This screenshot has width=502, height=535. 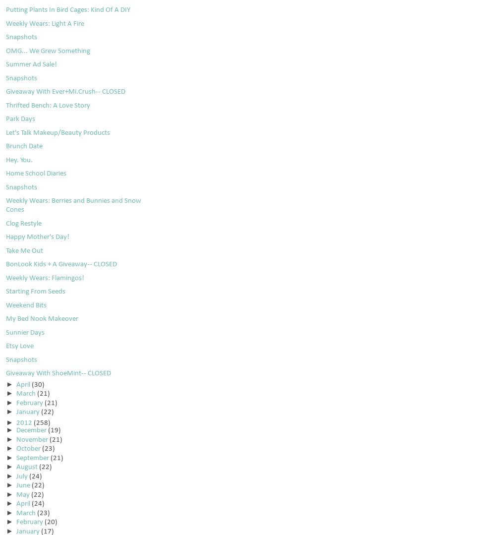 What do you see at coordinates (41, 318) in the screenshot?
I see `'My Bed Nook Makeover'` at bounding box center [41, 318].